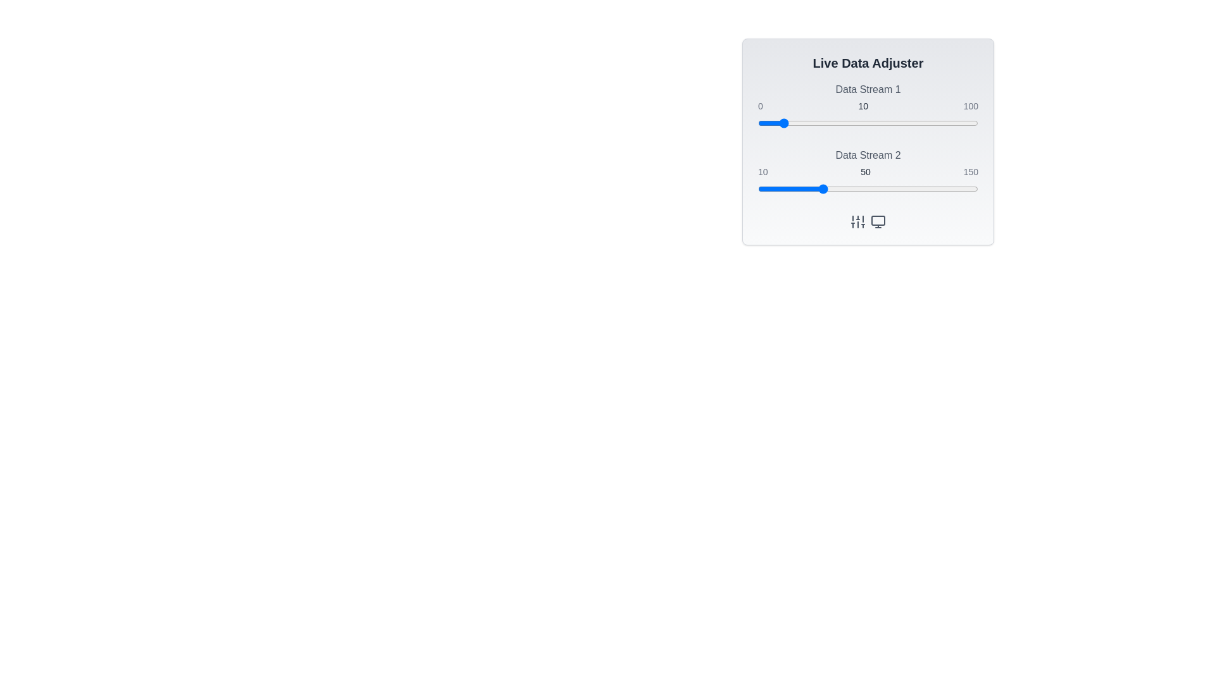 This screenshot has width=1215, height=683. What do you see at coordinates (784, 189) in the screenshot?
I see `the slider value` at bounding box center [784, 189].